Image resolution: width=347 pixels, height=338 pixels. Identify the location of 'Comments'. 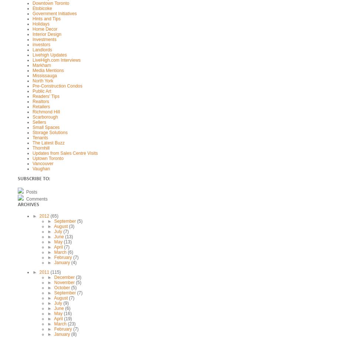
(36, 199).